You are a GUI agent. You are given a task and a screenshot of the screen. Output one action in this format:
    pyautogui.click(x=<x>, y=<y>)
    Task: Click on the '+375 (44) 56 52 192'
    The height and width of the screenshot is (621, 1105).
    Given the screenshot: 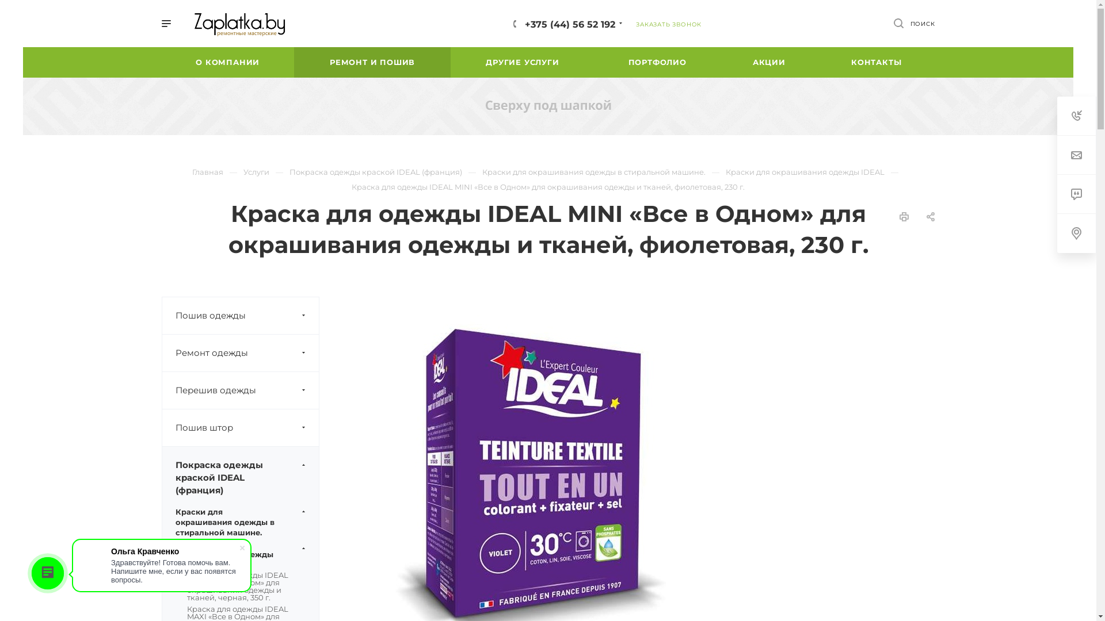 What is the action you would take?
    pyautogui.click(x=570, y=24)
    